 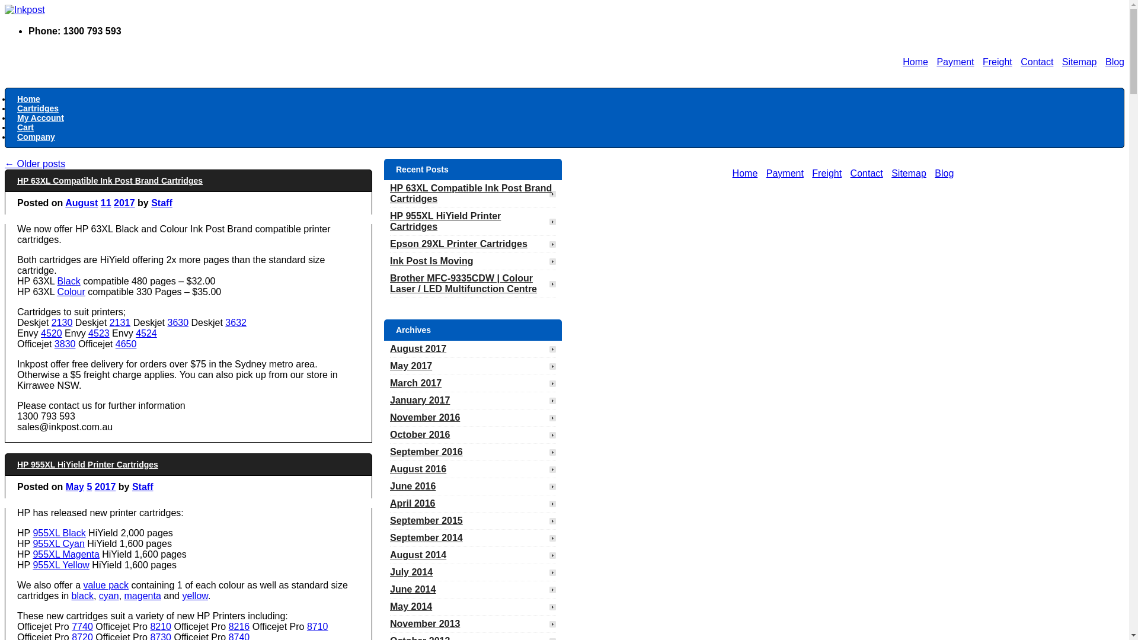 What do you see at coordinates (426, 434) in the screenshot?
I see `'October 2016'` at bounding box center [426, 434].